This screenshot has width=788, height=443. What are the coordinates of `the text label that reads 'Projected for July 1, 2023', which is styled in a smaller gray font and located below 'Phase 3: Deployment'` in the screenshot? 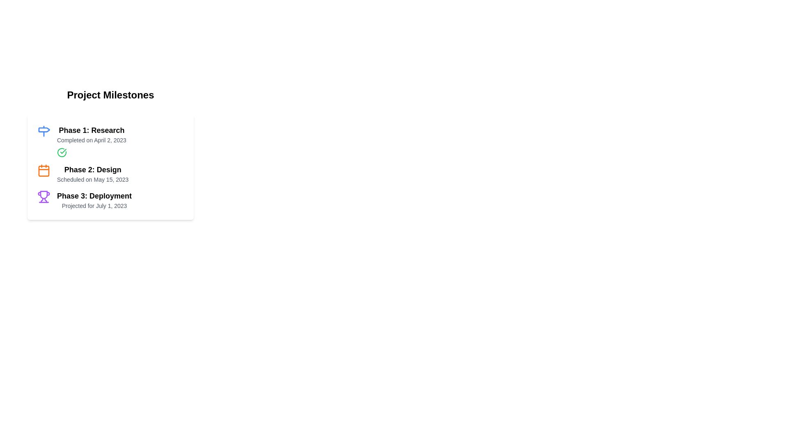 It's located at (94, 205).